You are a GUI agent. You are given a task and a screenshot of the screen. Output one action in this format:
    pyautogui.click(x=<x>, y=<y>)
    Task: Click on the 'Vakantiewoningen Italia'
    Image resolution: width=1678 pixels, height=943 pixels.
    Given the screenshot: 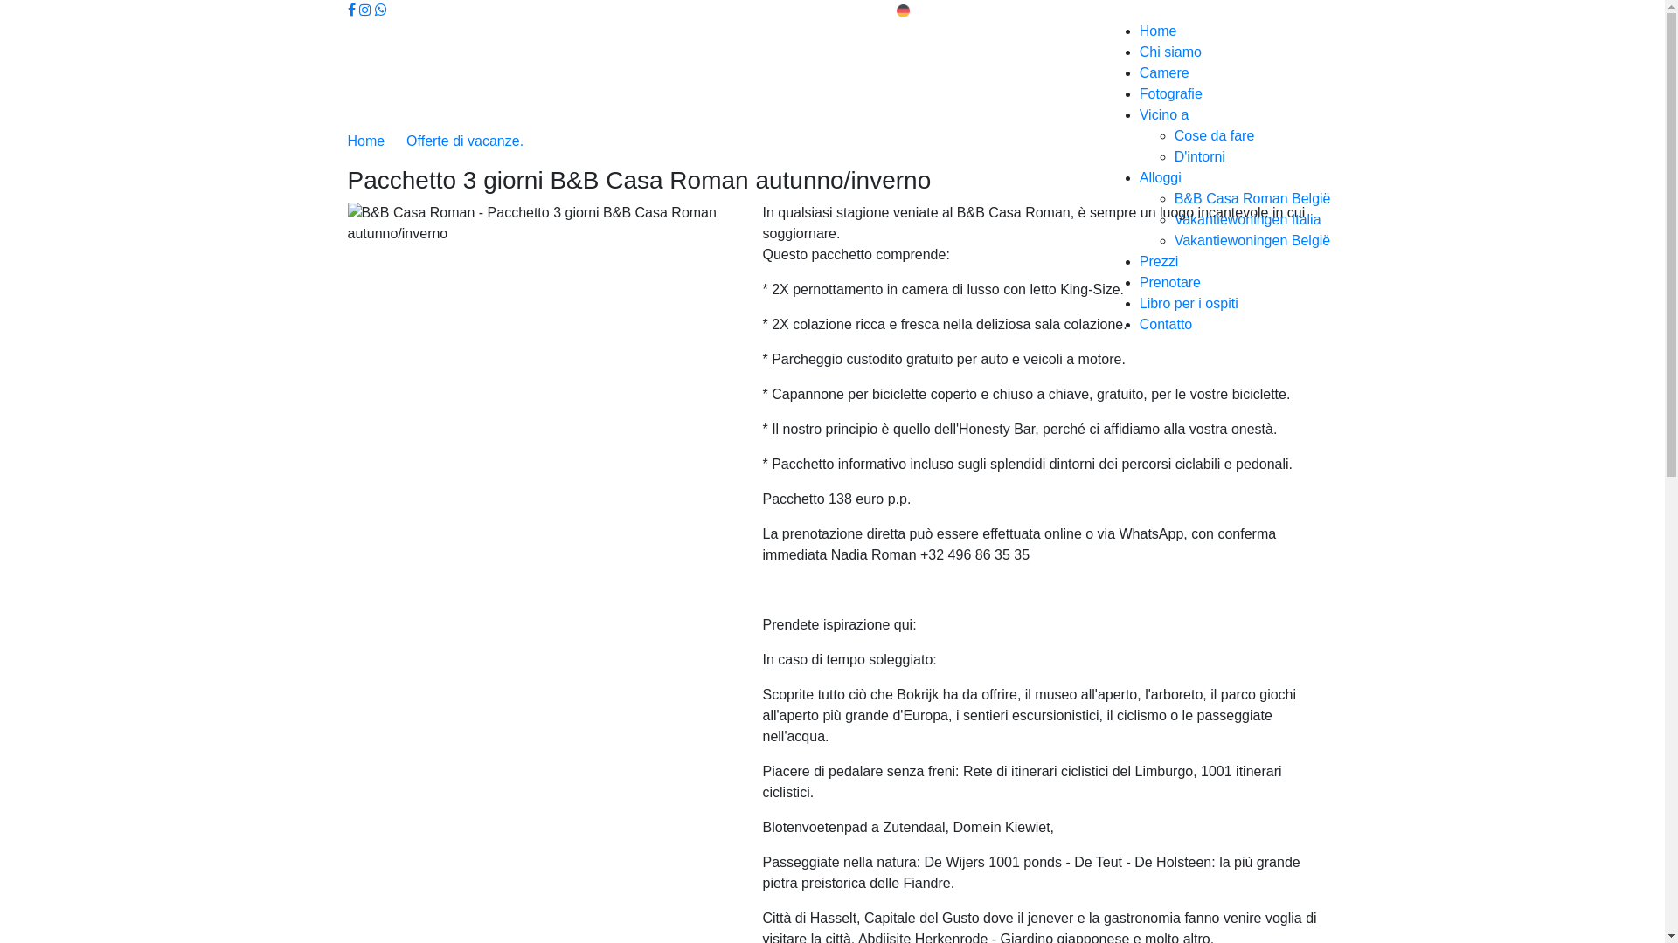 What is the action you would take?
    pyautogui.click(x=1246, y=218)
    